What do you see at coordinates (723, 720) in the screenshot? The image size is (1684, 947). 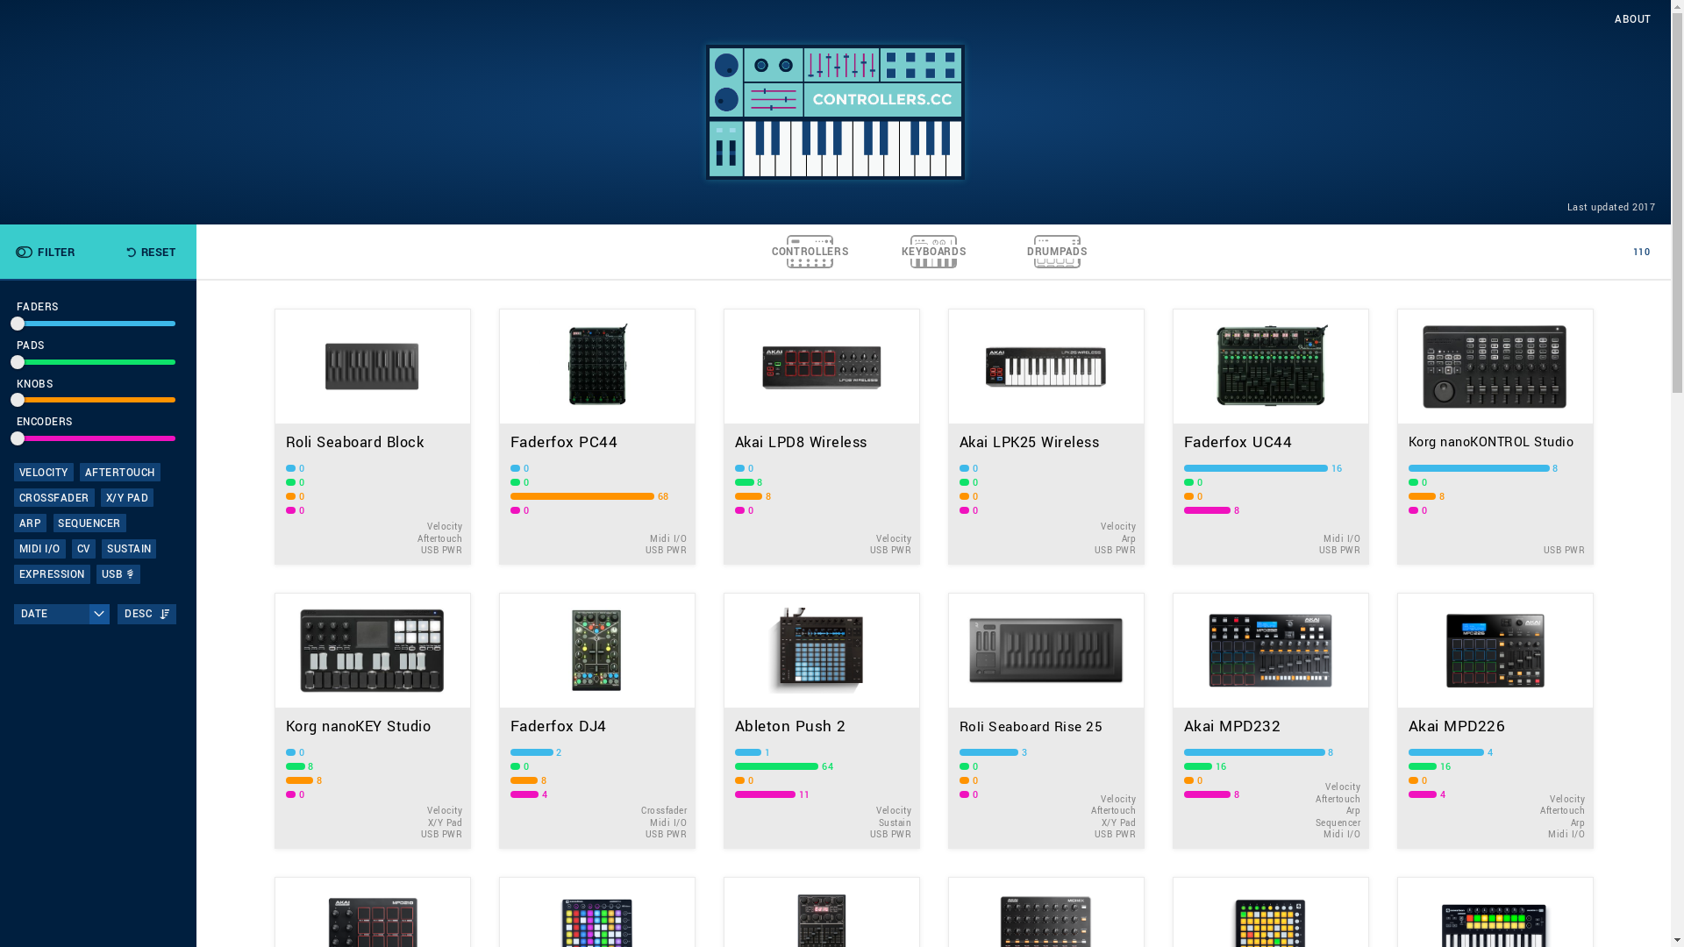 I see `'Ableton Push 2` at bounding box center [723, 720].